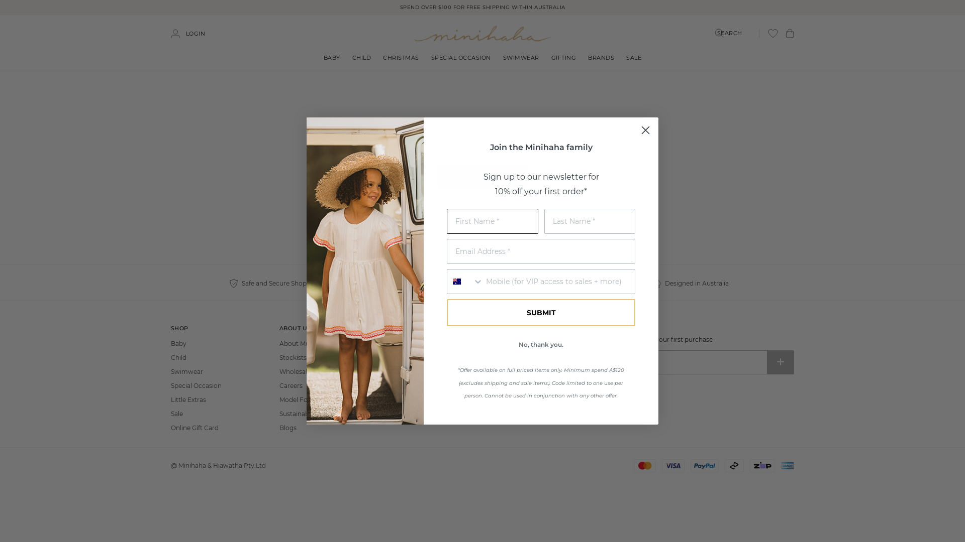  Describe the element at coordinates (196, 385) in the screenshot. I see `'Special Occasion'` at that location.